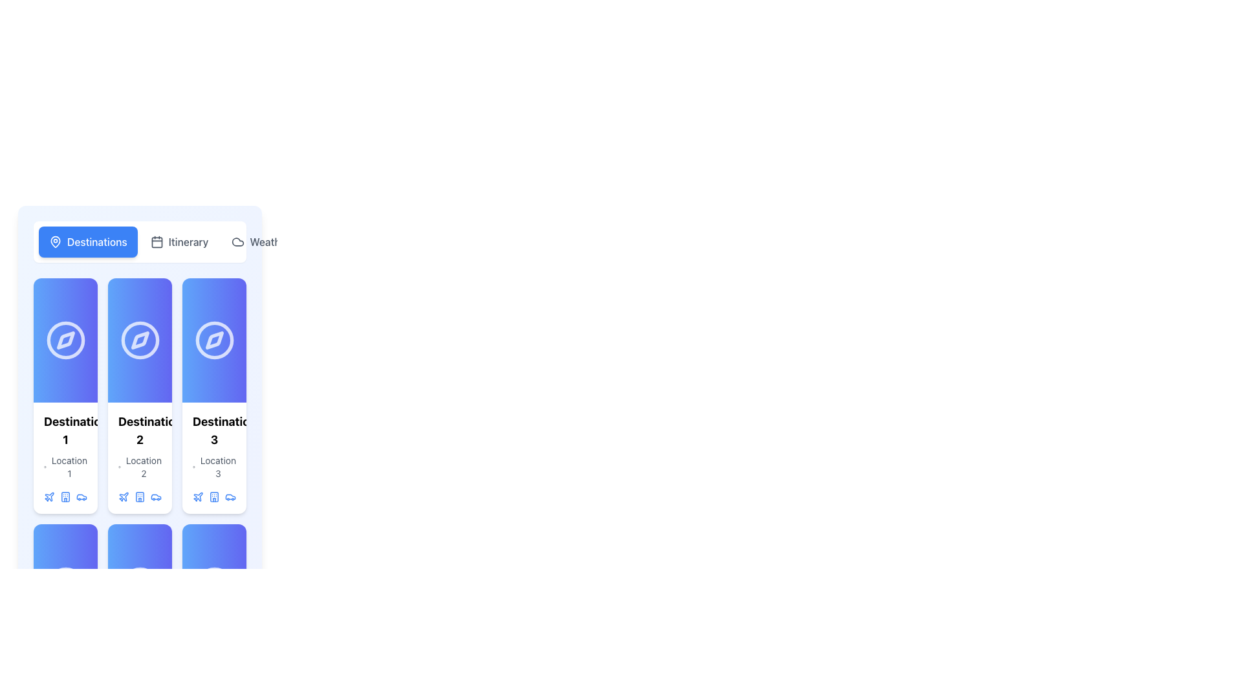  I want to click on the weather navigation button, so click(260, 242).